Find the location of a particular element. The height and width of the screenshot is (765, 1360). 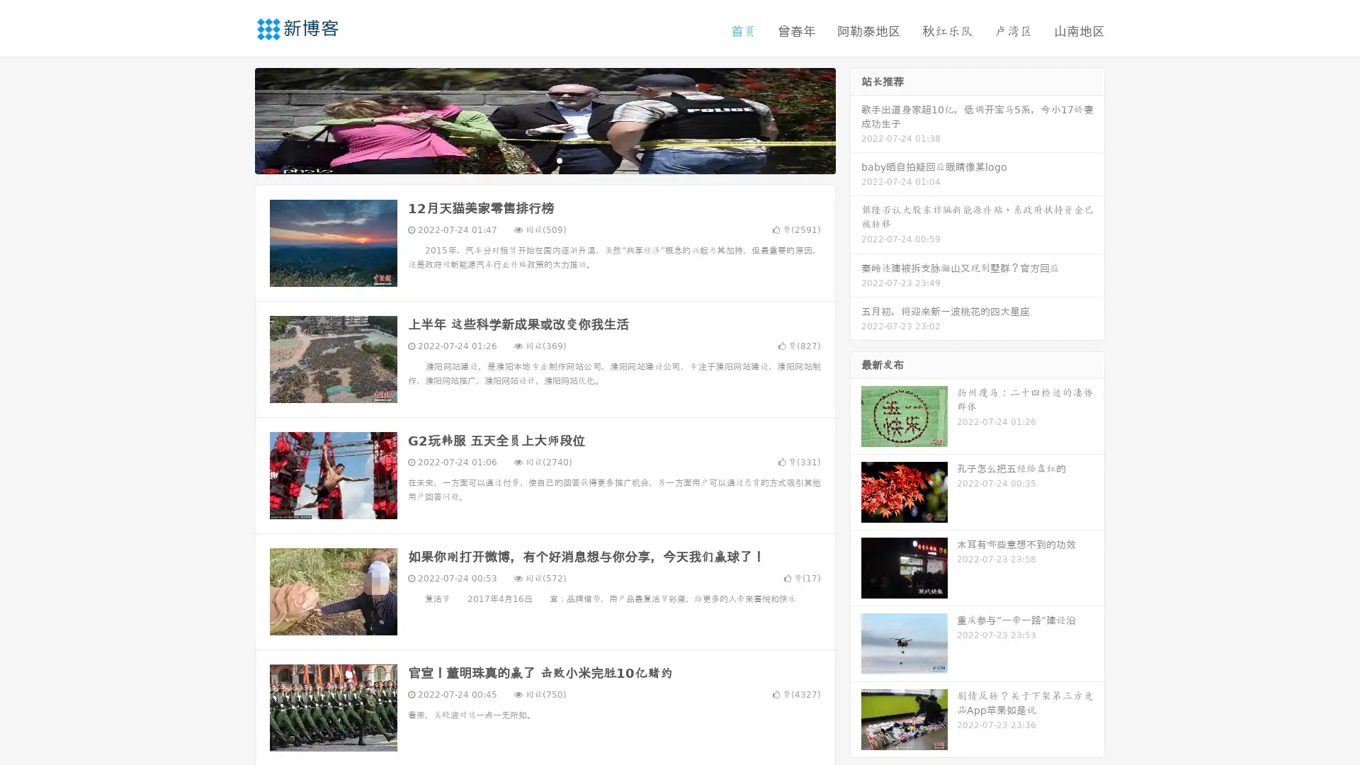

Go to slide 2 is located at coordinates (544, 159).